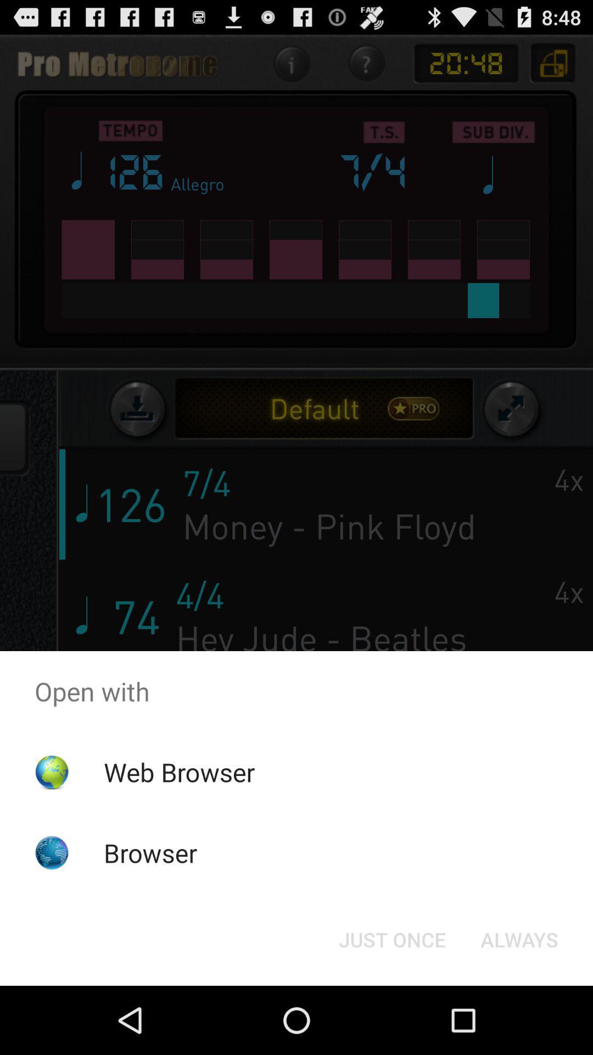 The image size is (593, 1055). Describe the element at coordinates (178, 771) in the screenshot. I see `the web browser app` at that location.